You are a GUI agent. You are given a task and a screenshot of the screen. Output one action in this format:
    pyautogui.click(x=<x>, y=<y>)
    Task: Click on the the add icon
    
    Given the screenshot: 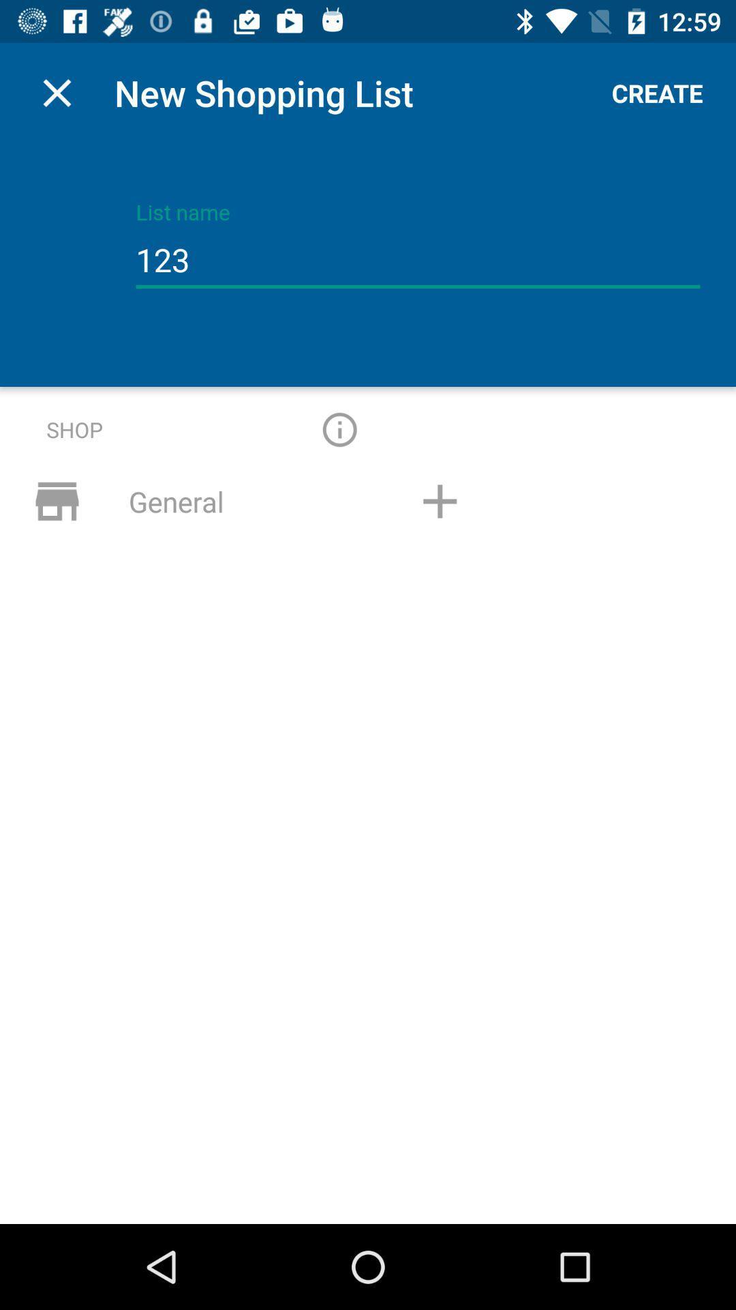 What is the action you would take?
    pyautogui.click(x=440, y=500)
    